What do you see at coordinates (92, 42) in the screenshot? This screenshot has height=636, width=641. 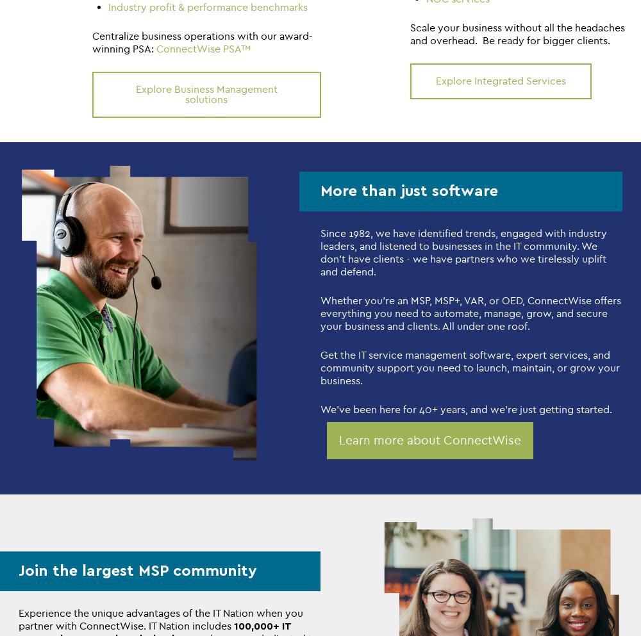 I see `'Centralize business operations with our award-winning PSA:'` at bounding box center [92, 42].